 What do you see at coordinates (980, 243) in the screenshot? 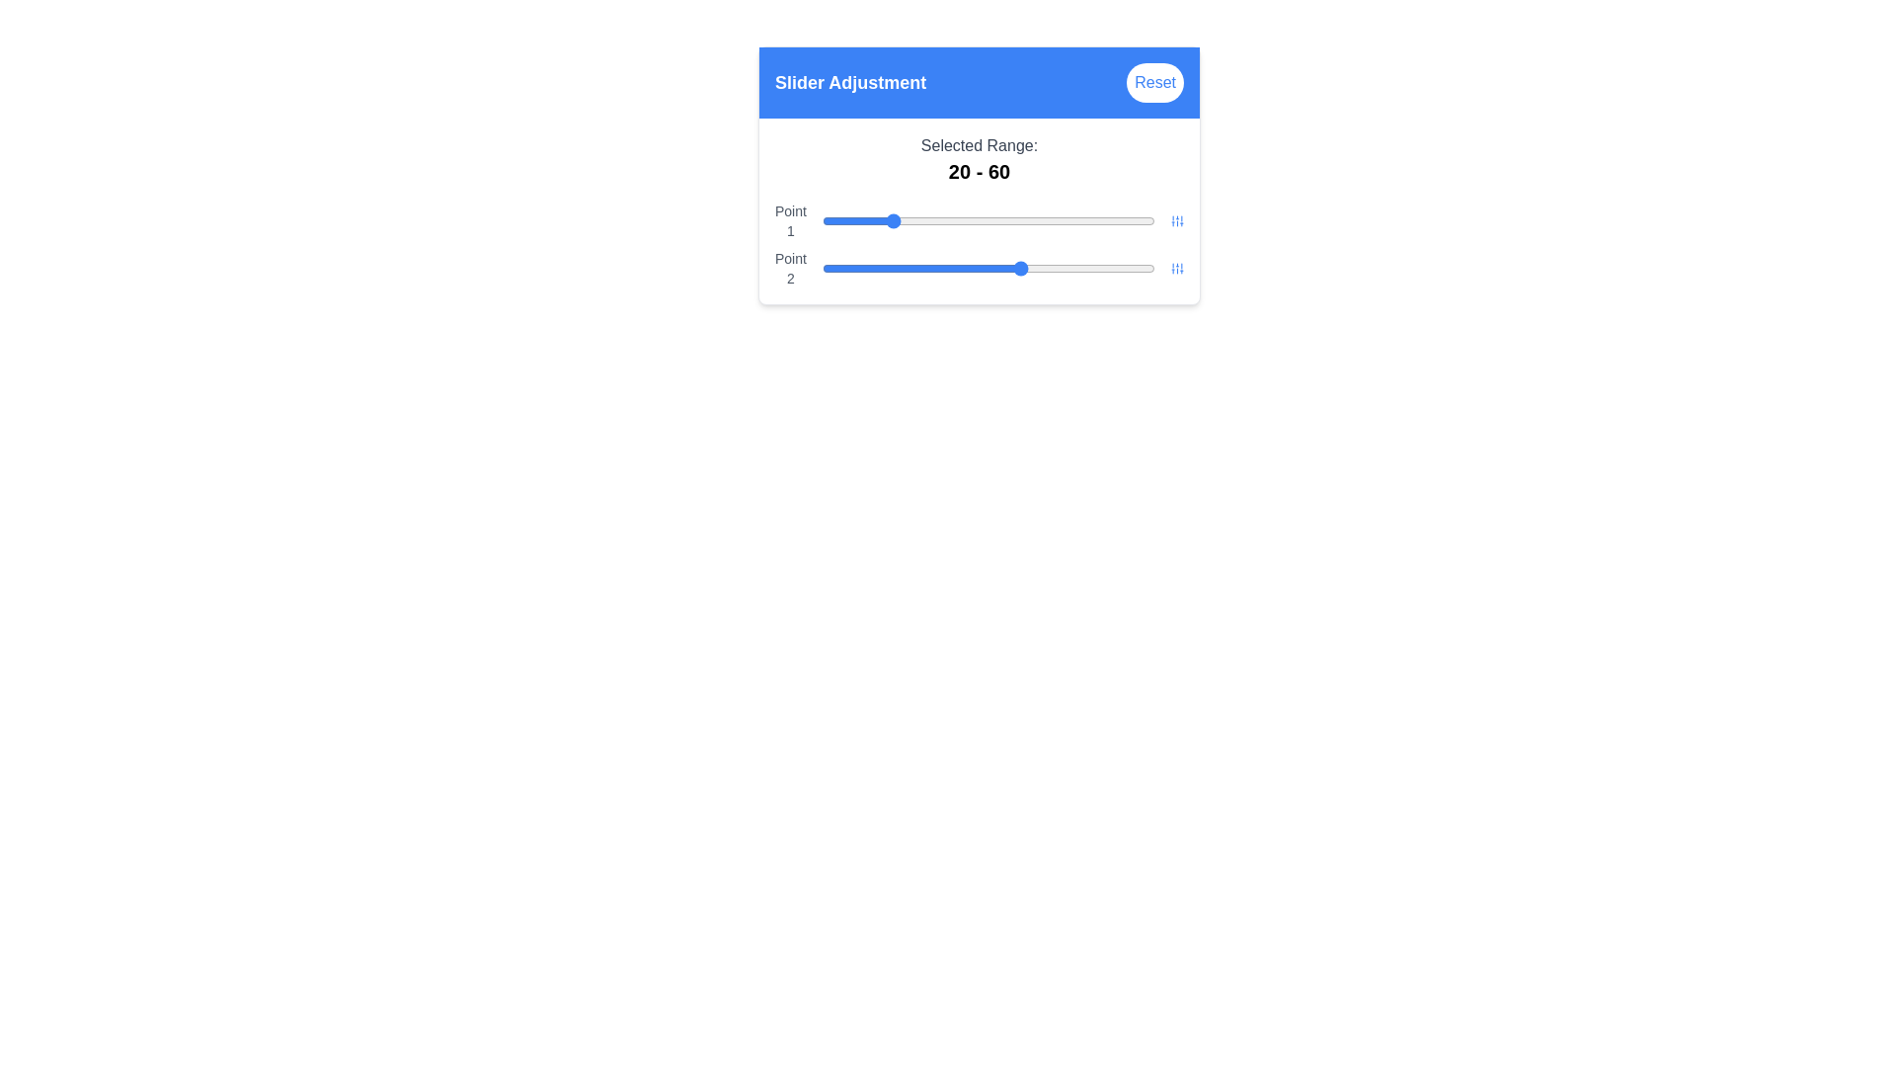
I see `the double slider component with labels` at bounding box center [980, 243].